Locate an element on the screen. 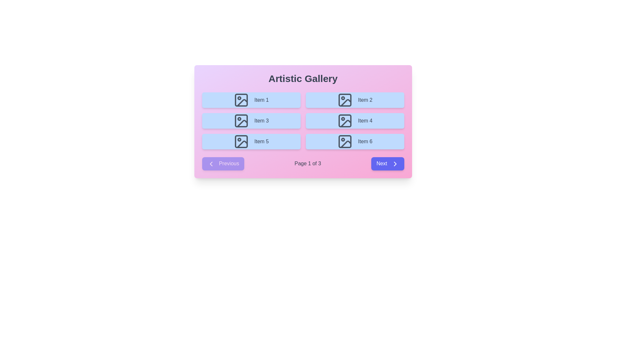 The height and width of the screenshot is (350, 622). the interactive item associated with 'Item 6', located at the bottom right of the grid layout is located at coordinates (354, 141).